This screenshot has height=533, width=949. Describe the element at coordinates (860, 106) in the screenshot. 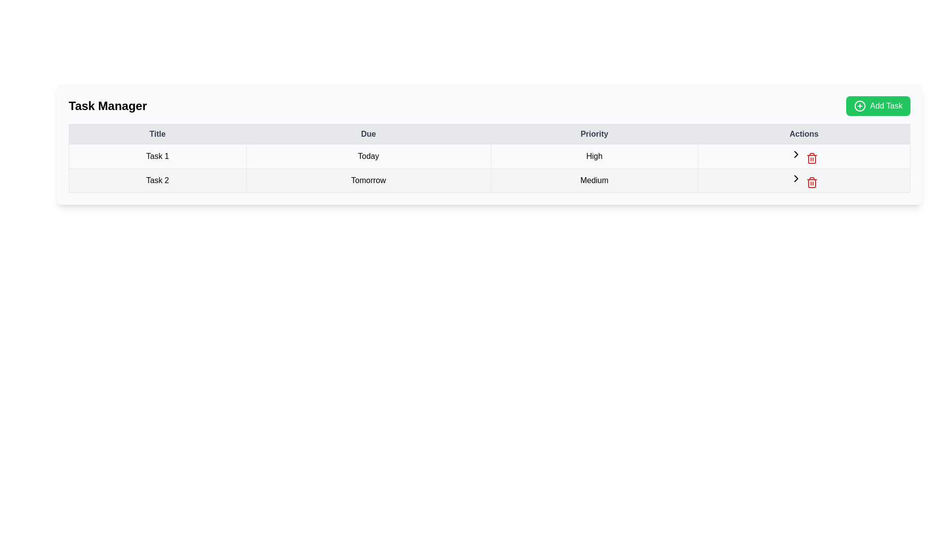

I see `the SVG circle component that is part of the circular-plus icon located at the top-right corner of the interface, next to the 'Add Task' button` at that location.